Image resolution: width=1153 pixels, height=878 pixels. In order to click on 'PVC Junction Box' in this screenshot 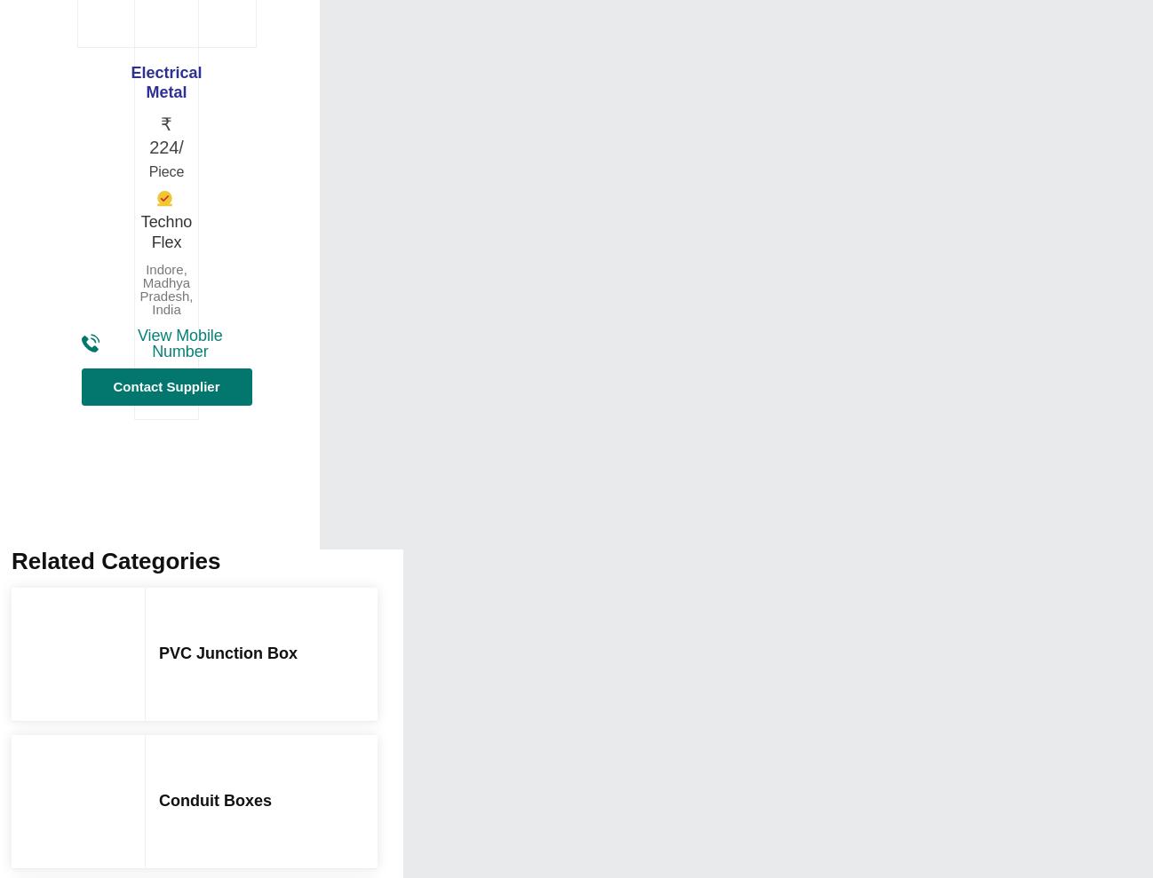, I will do `click(228, 653)`.